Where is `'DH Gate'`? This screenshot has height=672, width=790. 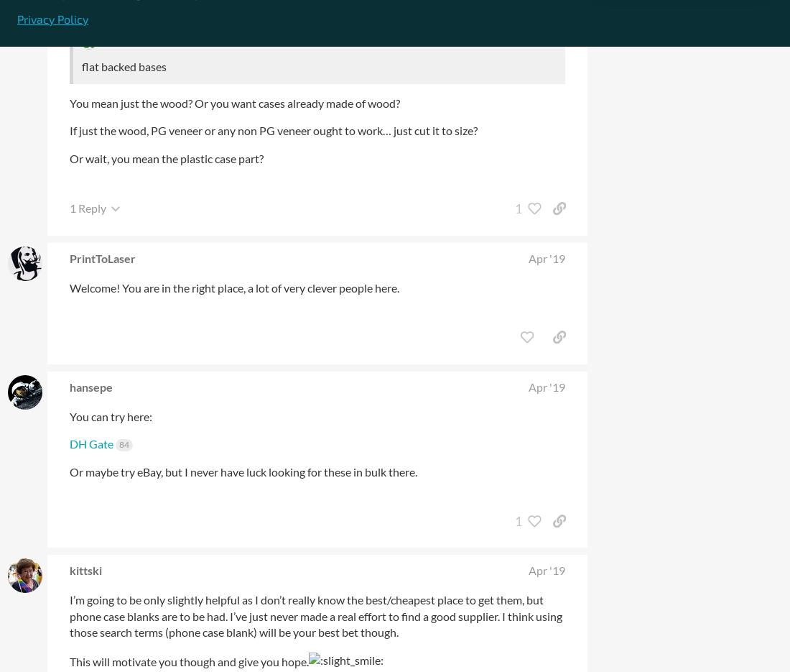
'DH Gate' is located at coordinates (91, 443).